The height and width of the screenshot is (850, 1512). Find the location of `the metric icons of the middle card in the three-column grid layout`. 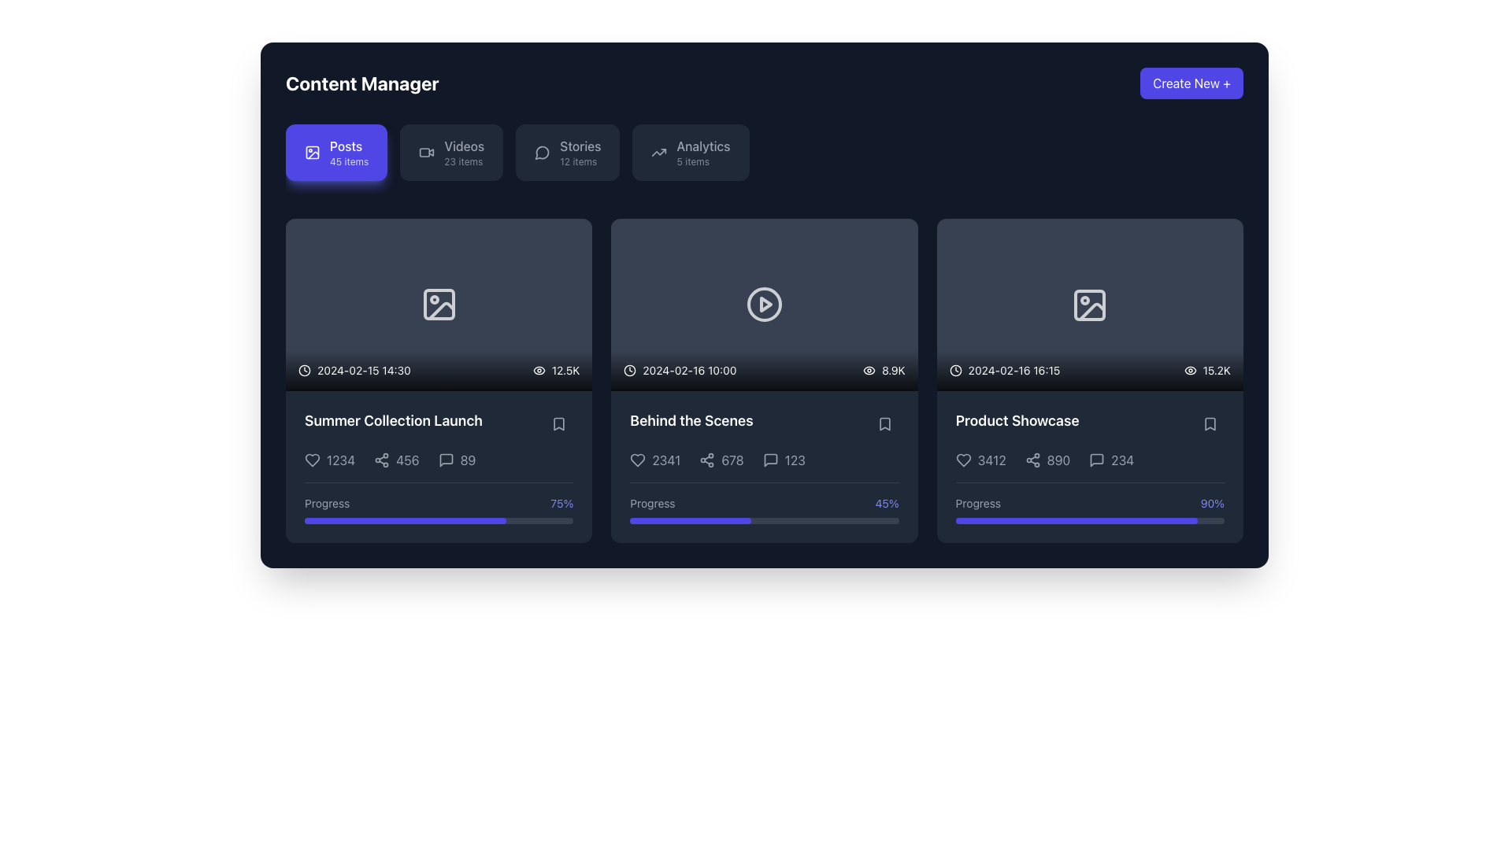

the metric icons of the middle card in the three-column grid layout is located at coordinates (764, 380).